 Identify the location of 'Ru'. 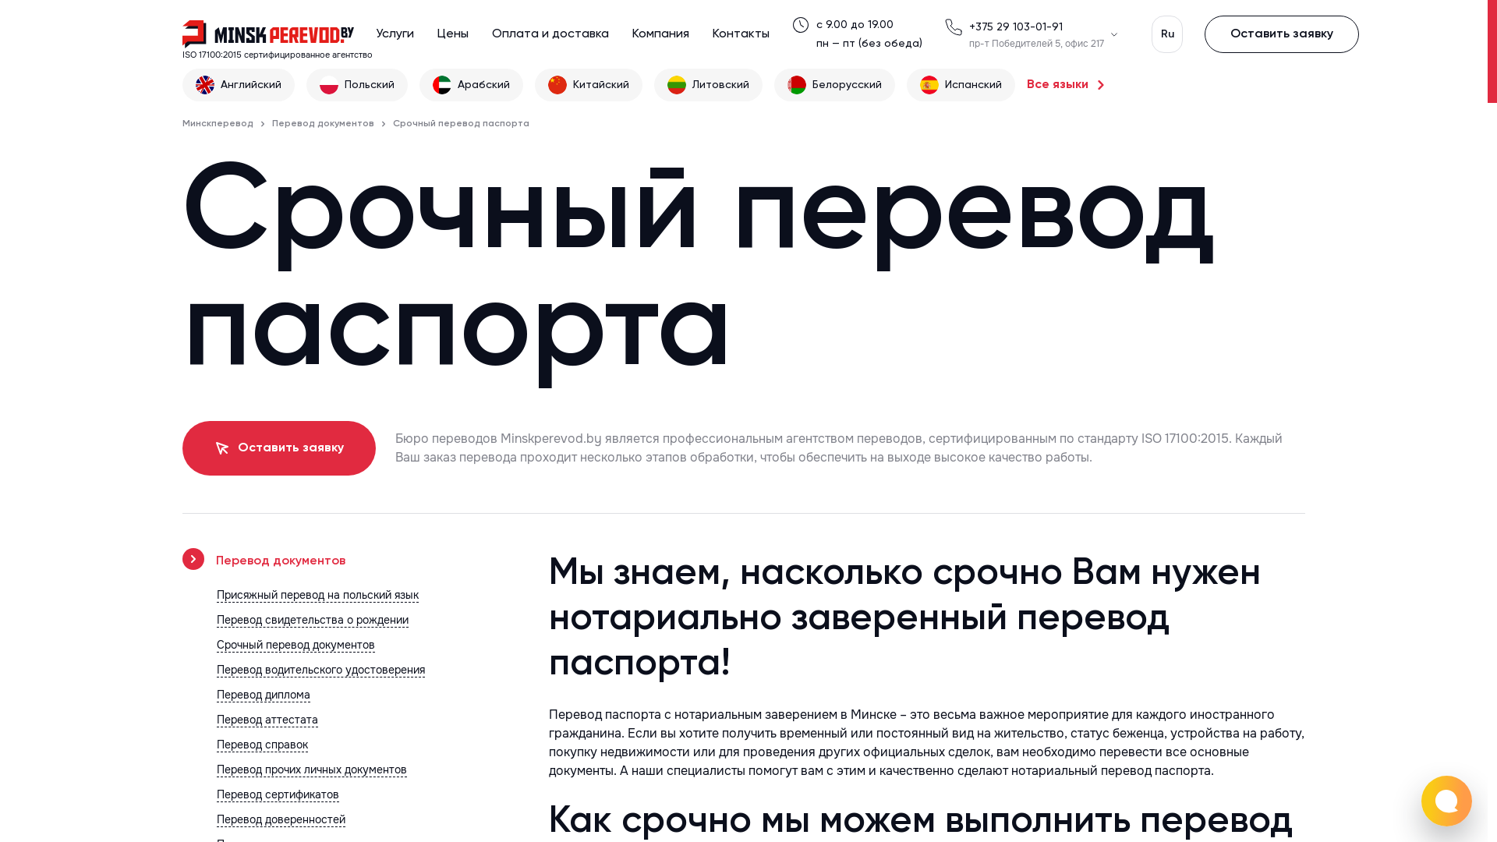
(1167, 34).